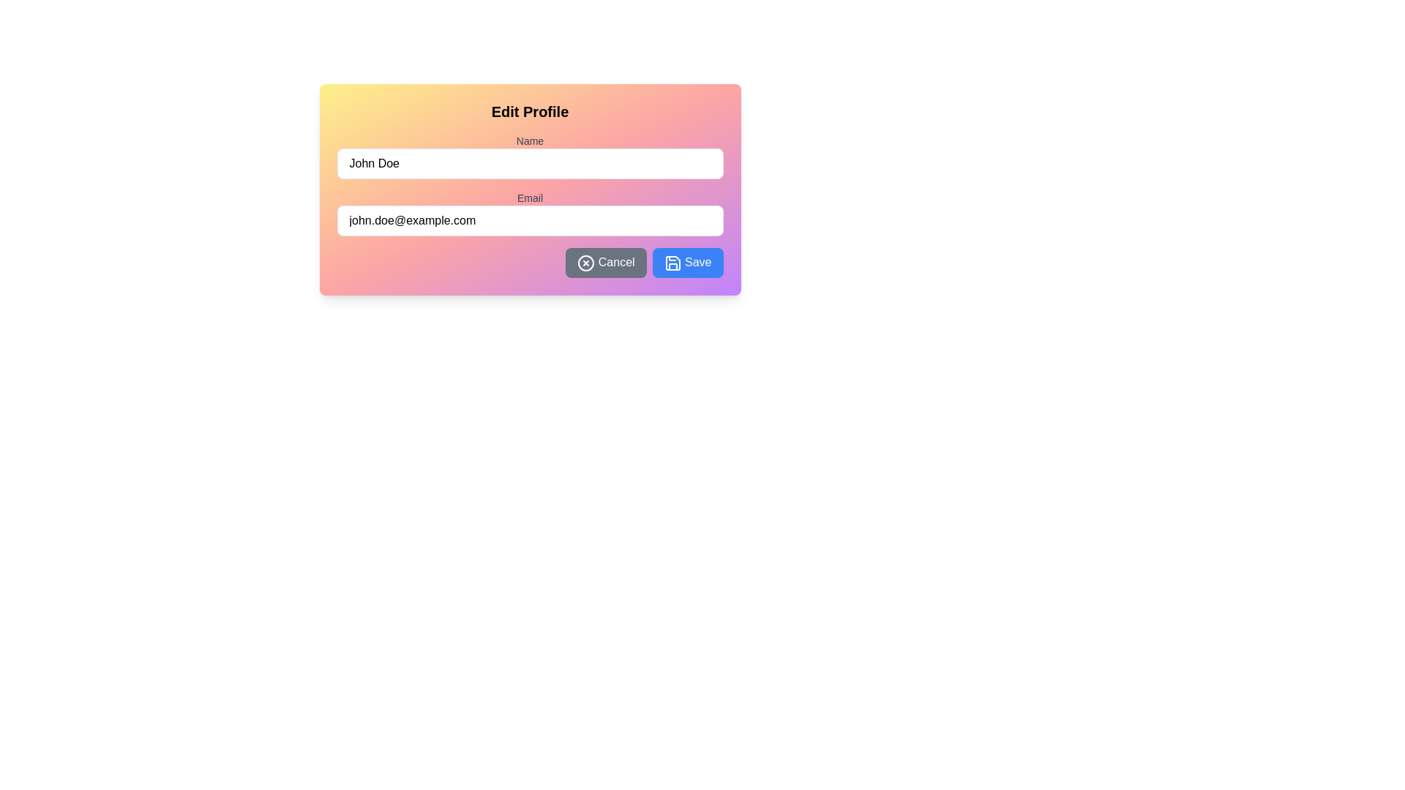 This screenshot has height=790, width=1405. What do you see at coordinates (687, 262) in the screenshot?
I see `the save button located at the bottom right of the form to observe the color change effect` at bounding box center [687, 262].